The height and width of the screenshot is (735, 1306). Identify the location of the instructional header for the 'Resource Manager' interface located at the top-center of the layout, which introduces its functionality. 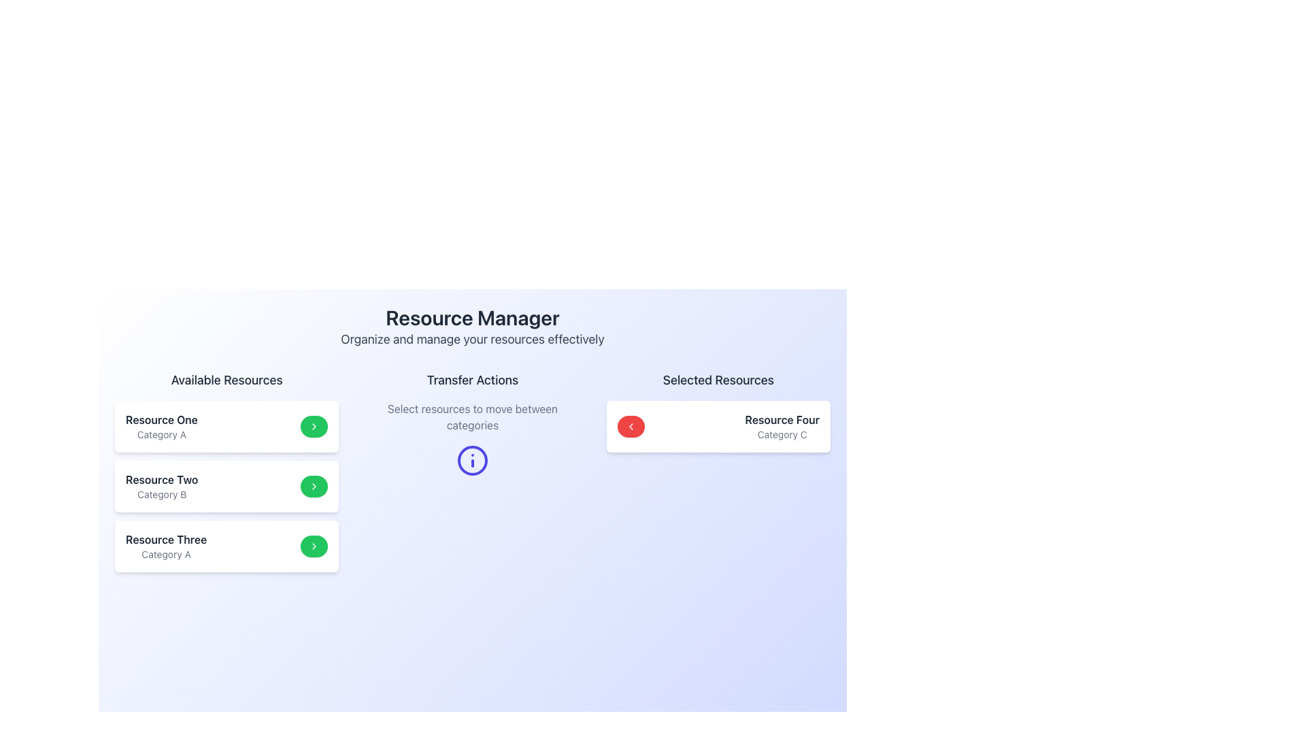
(473, 327).